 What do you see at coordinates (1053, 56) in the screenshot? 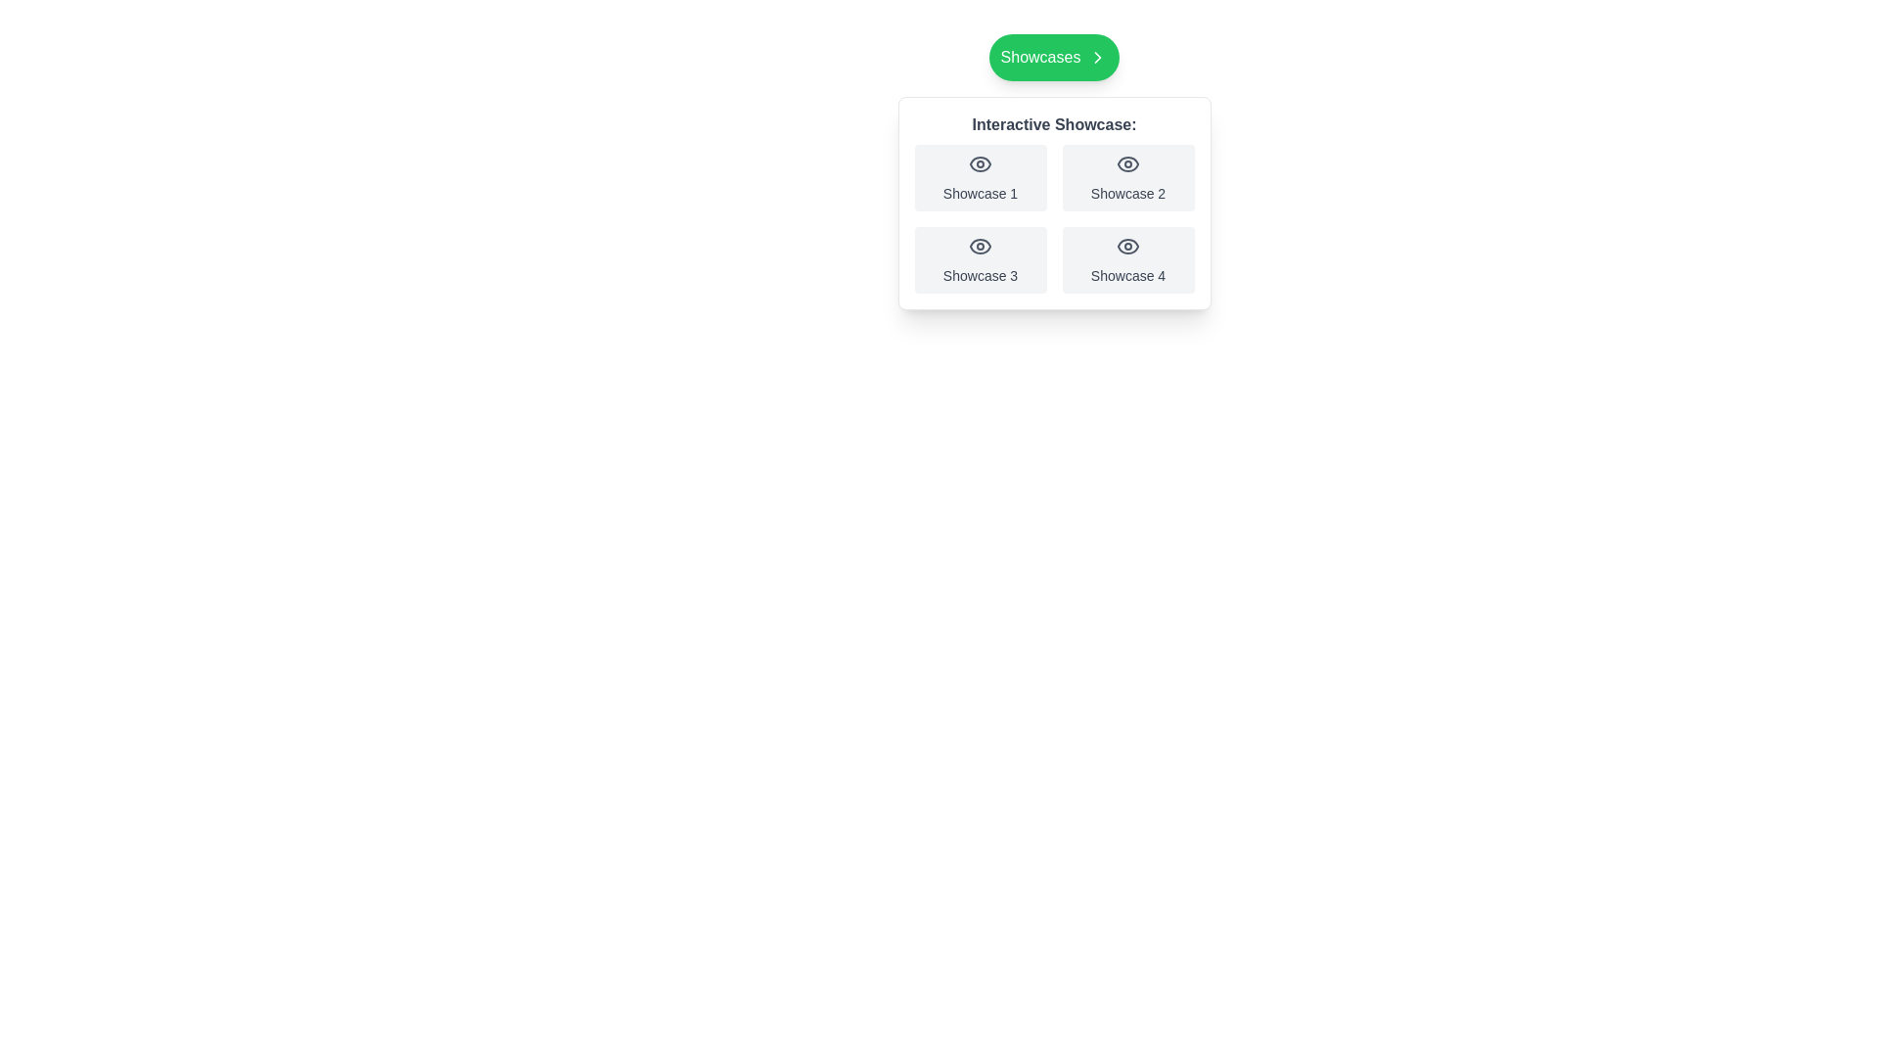
I see `the navigation button located near the top of the interface to showcase sections` at bounding box center [1053, 56].